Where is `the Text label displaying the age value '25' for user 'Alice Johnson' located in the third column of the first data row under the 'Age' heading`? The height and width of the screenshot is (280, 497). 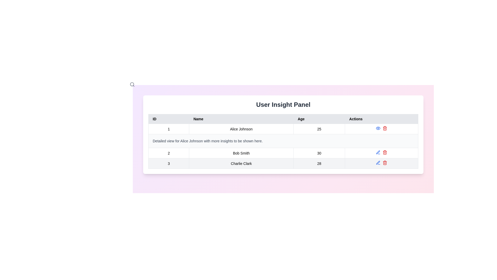
the Text label displaying the age value '25' for user 'Alice Johnson' located in the third column of the first data row under the 'Age' heading is located at coordinates (319, 129).